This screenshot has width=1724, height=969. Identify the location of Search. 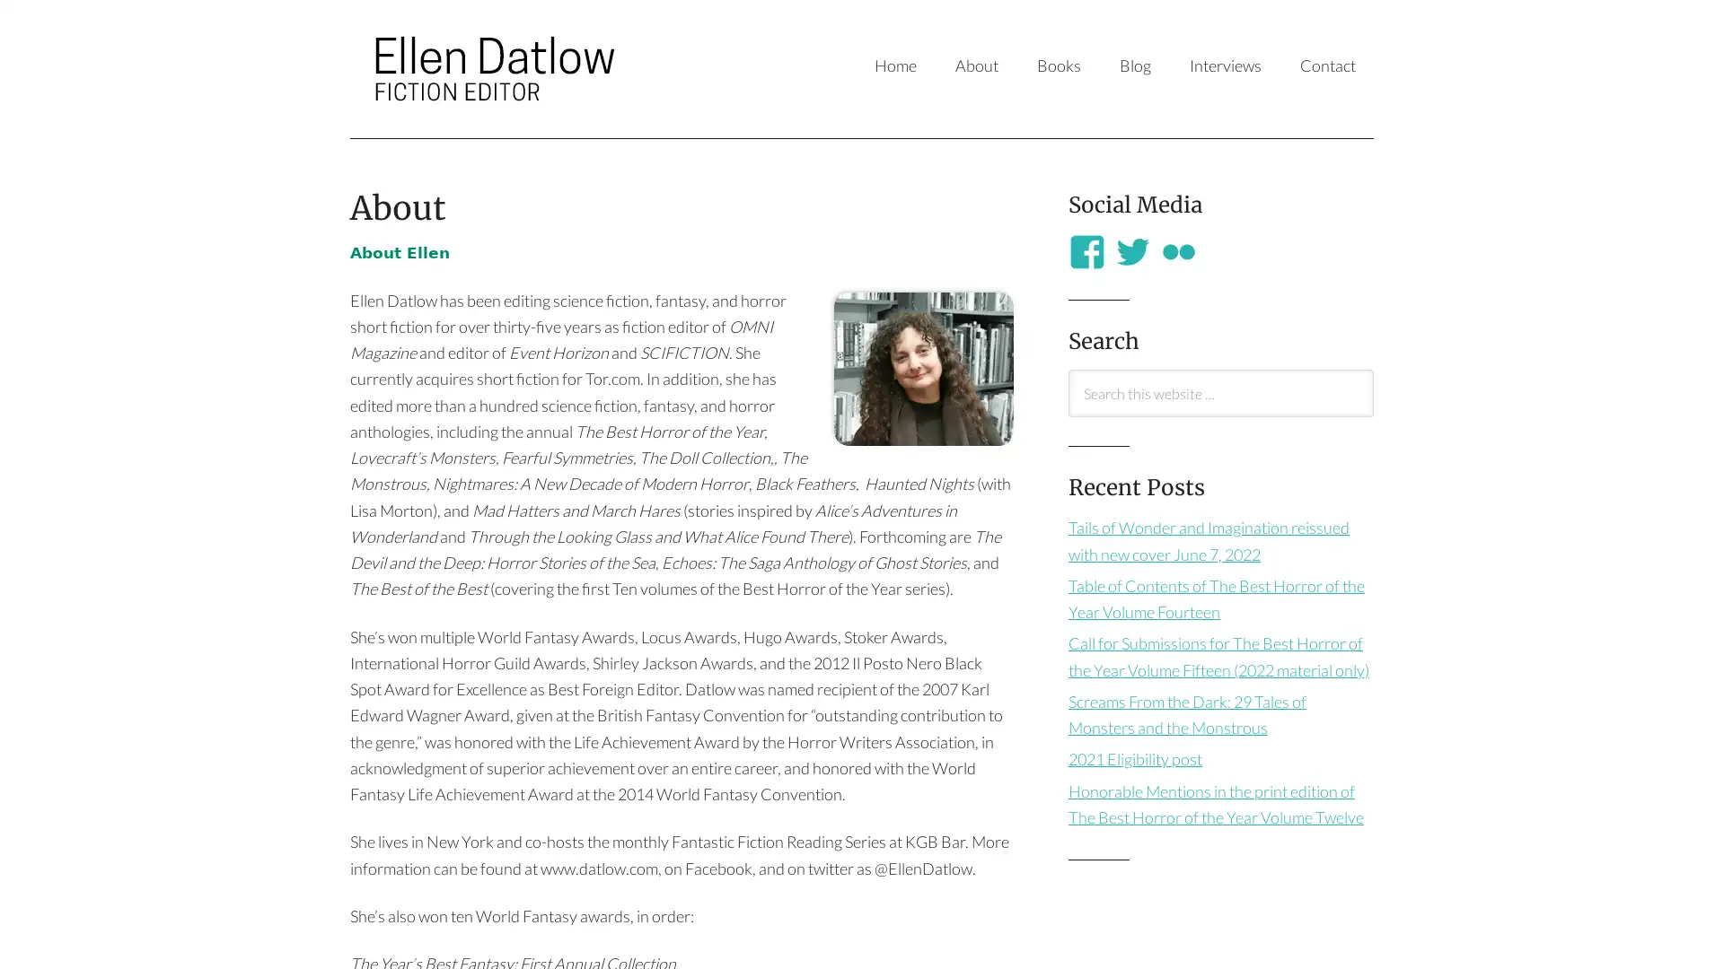
(1068, 415).